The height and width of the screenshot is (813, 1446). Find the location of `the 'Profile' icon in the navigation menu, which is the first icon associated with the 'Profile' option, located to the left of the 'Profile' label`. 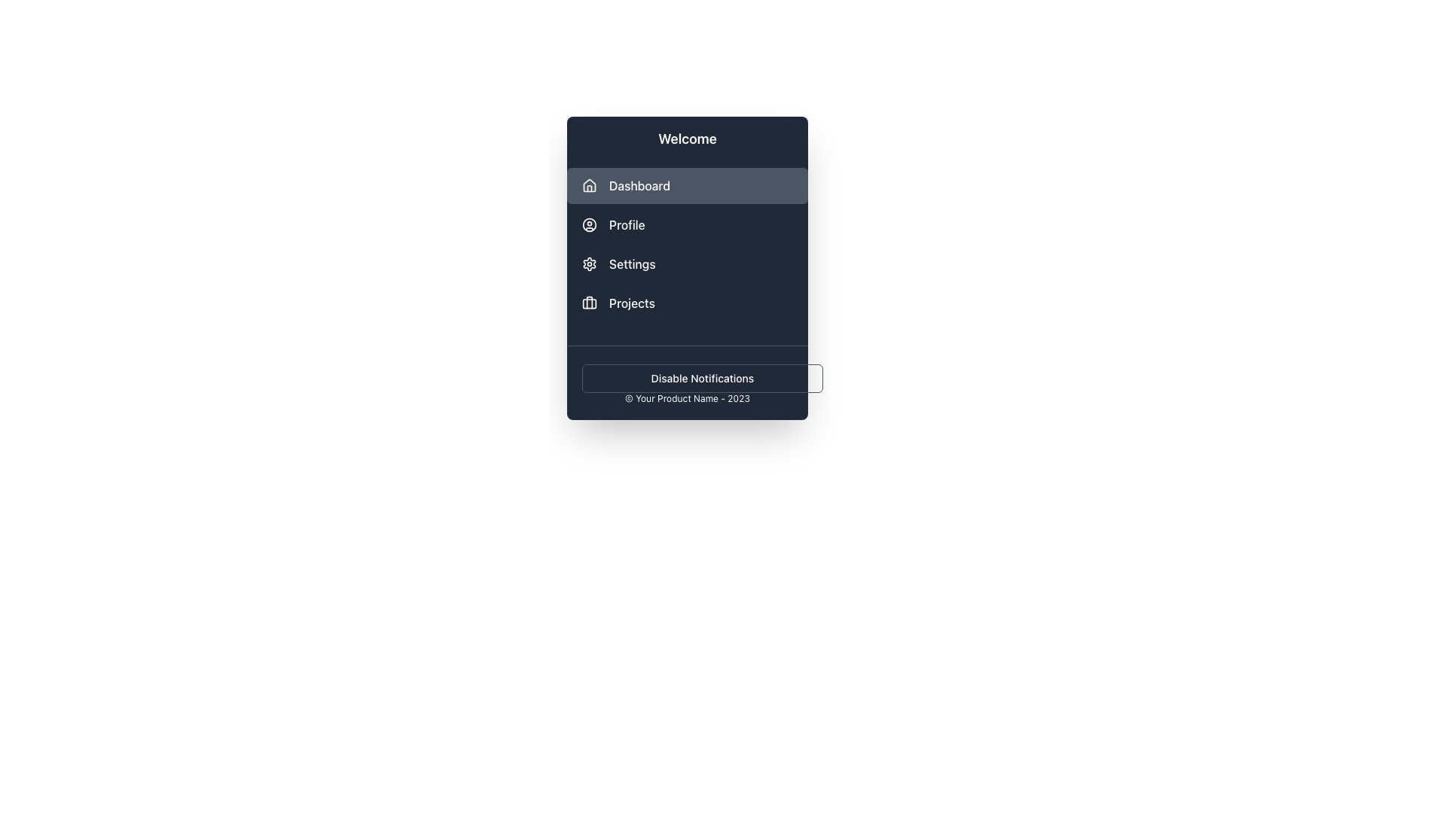

the 'Profile' icon in the navigation menu, which is the first icon associated with the 'Profile' option, located to the left of the 'Profile' label is located at coordinates (588, 225).